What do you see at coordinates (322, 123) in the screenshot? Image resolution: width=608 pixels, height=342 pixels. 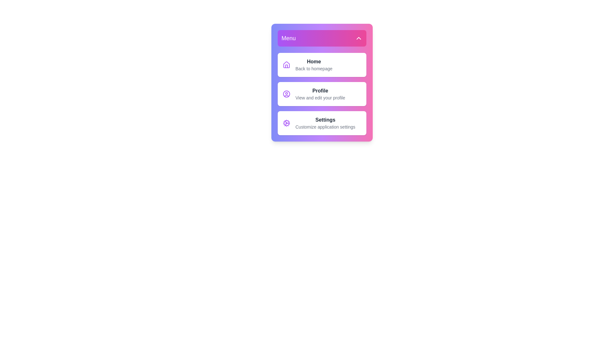 I see `the text of the menu item labeled Settings` at bounding box center [322, 123].